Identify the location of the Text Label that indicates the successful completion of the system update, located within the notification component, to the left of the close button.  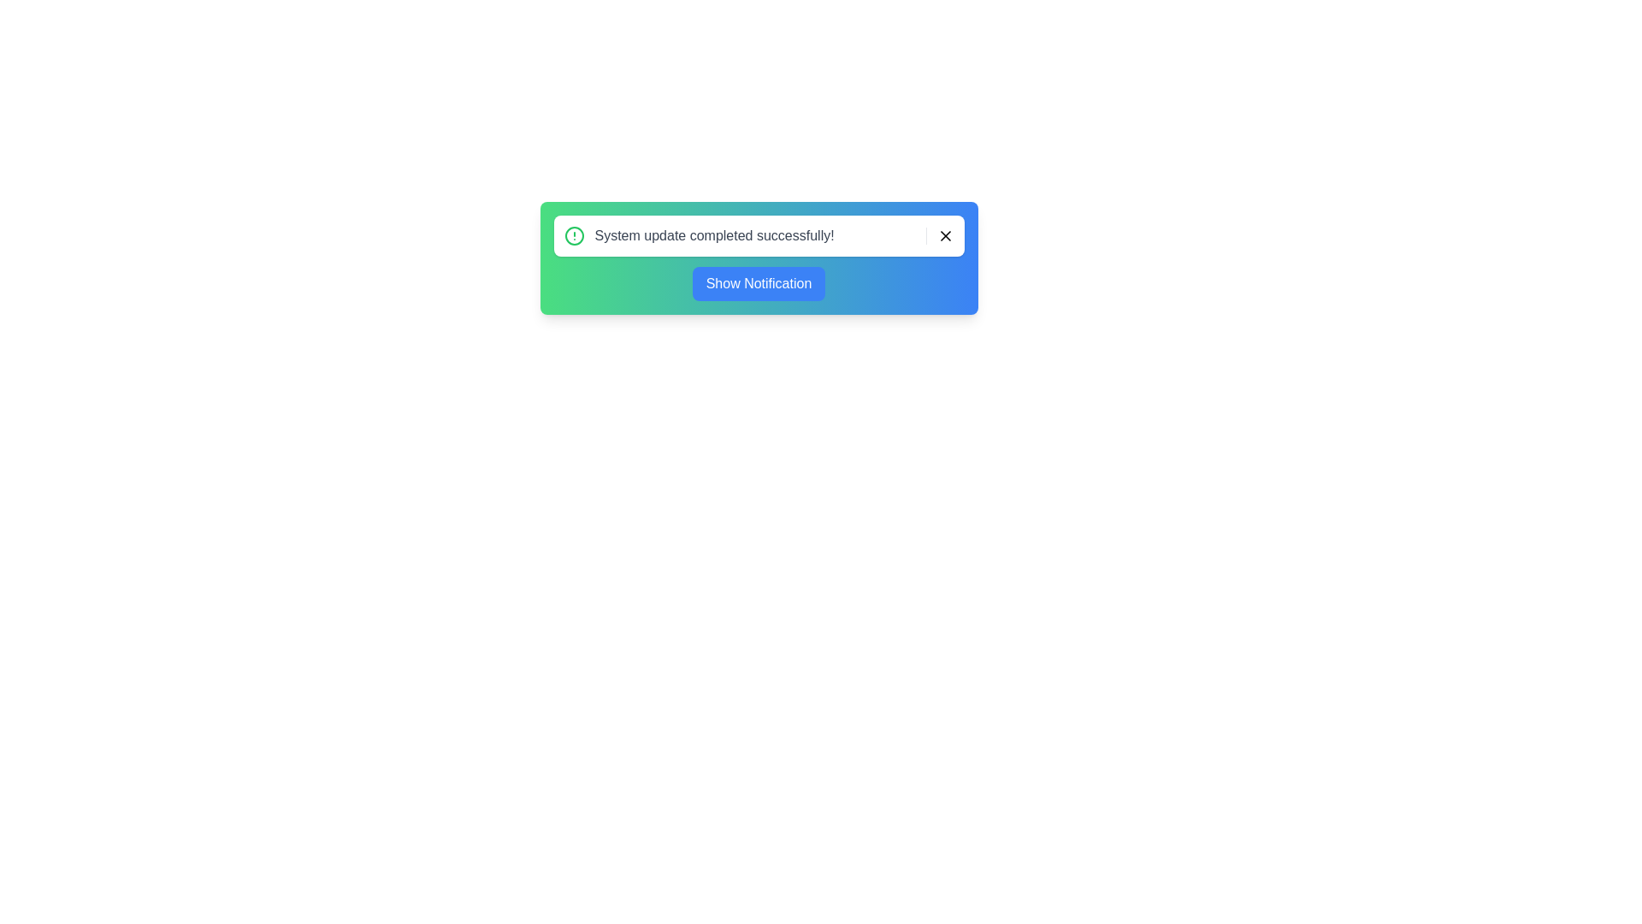
(704, 236).